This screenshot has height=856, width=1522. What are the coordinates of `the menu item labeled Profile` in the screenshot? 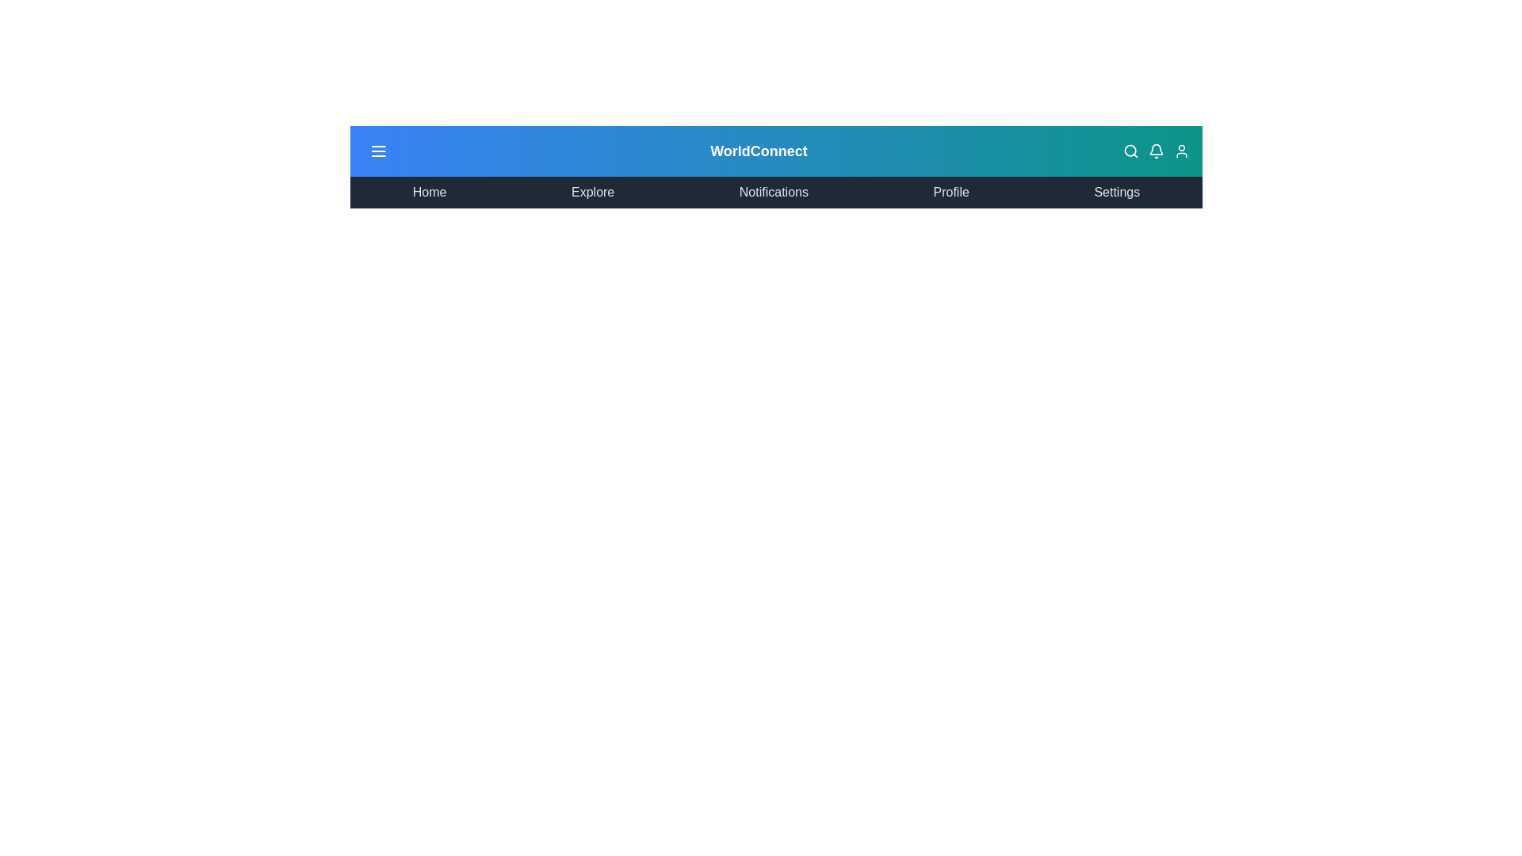 It's located at (951, 192).